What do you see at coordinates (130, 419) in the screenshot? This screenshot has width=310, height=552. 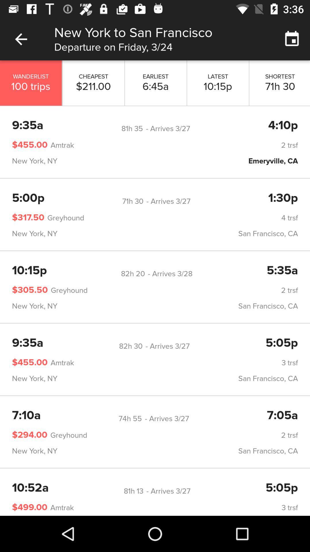 I see `icon next to - arrives 3/27 icon` at bounding box center [130, 419].